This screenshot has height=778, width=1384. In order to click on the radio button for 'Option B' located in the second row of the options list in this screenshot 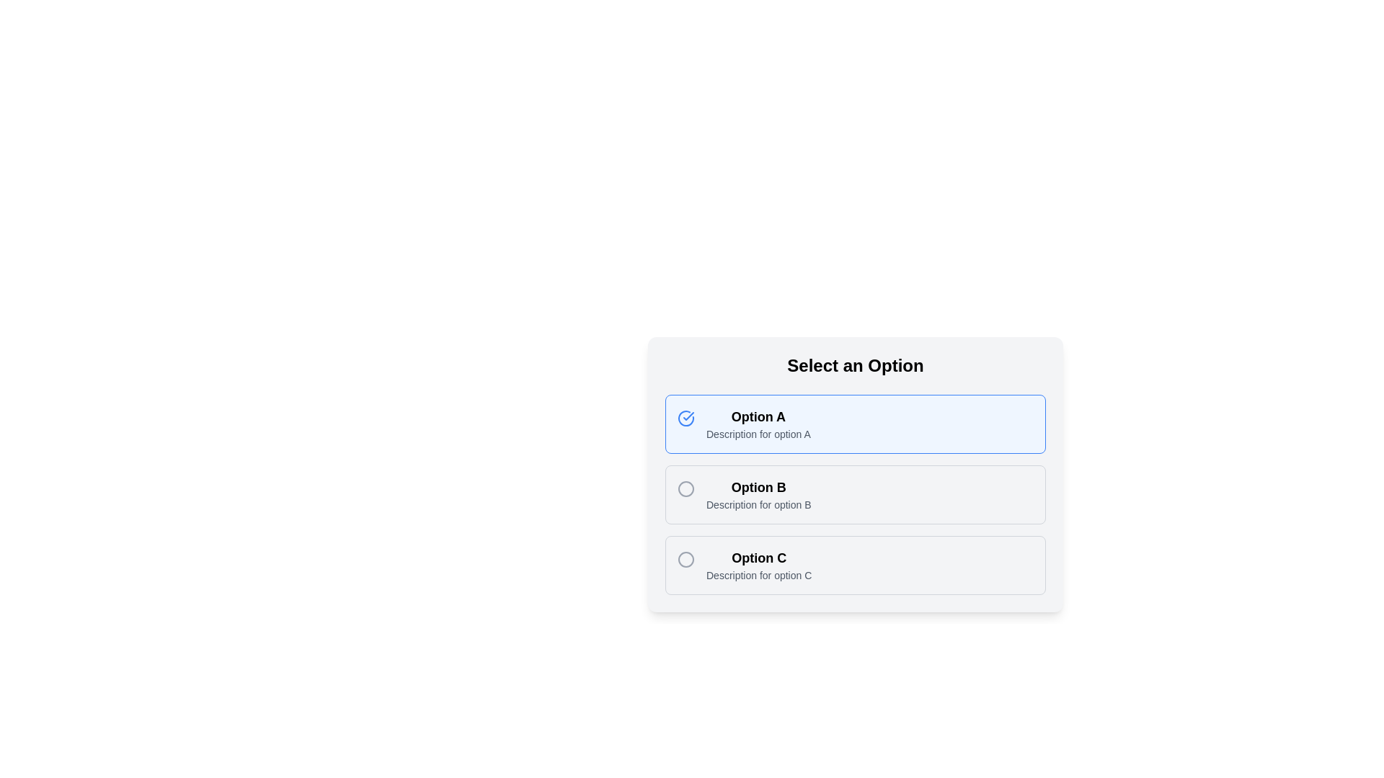, I will do `click(685, 487)`.